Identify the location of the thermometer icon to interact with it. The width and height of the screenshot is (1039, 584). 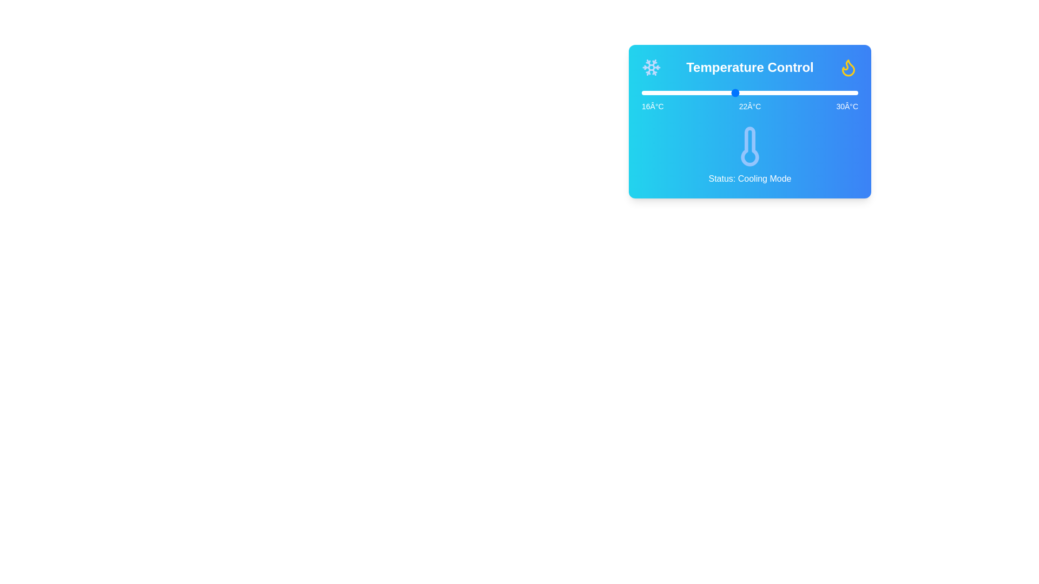
(749, 146).